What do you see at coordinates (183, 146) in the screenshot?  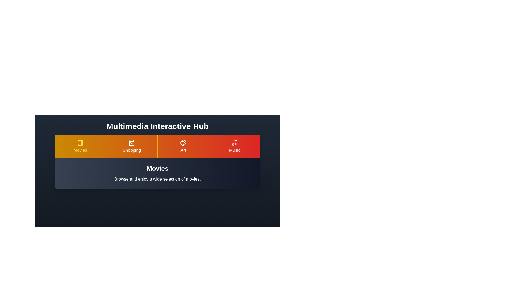 I see `the Art tab to view its content` at bounding box center [183, 146].